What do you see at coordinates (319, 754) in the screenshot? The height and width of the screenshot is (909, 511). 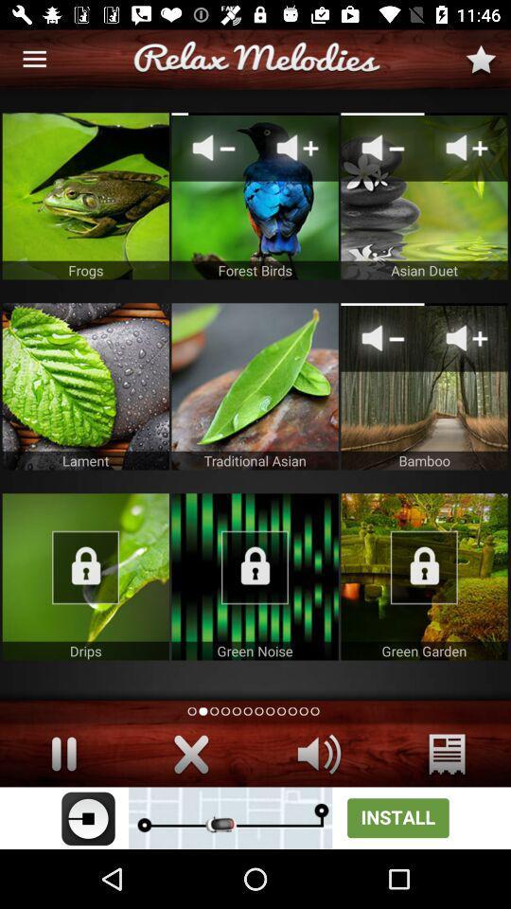 I see `sound option` at bounding box center [319, 754].